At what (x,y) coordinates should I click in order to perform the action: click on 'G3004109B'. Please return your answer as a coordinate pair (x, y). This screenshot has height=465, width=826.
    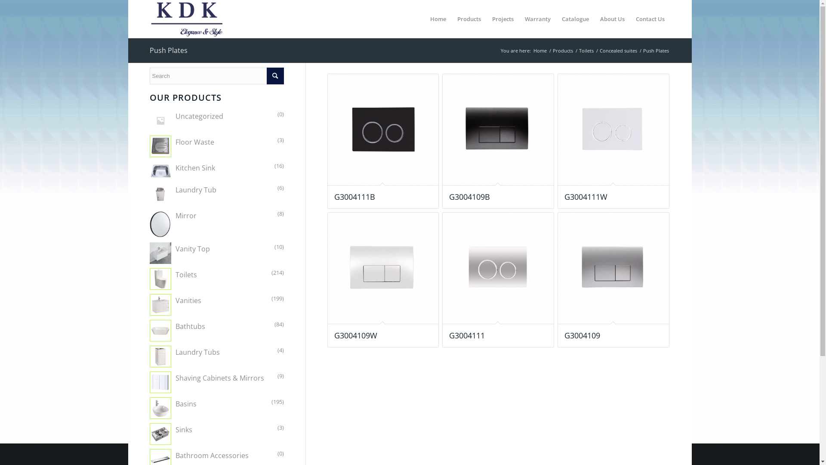
    Looking at the image, I should click on (498, 140).